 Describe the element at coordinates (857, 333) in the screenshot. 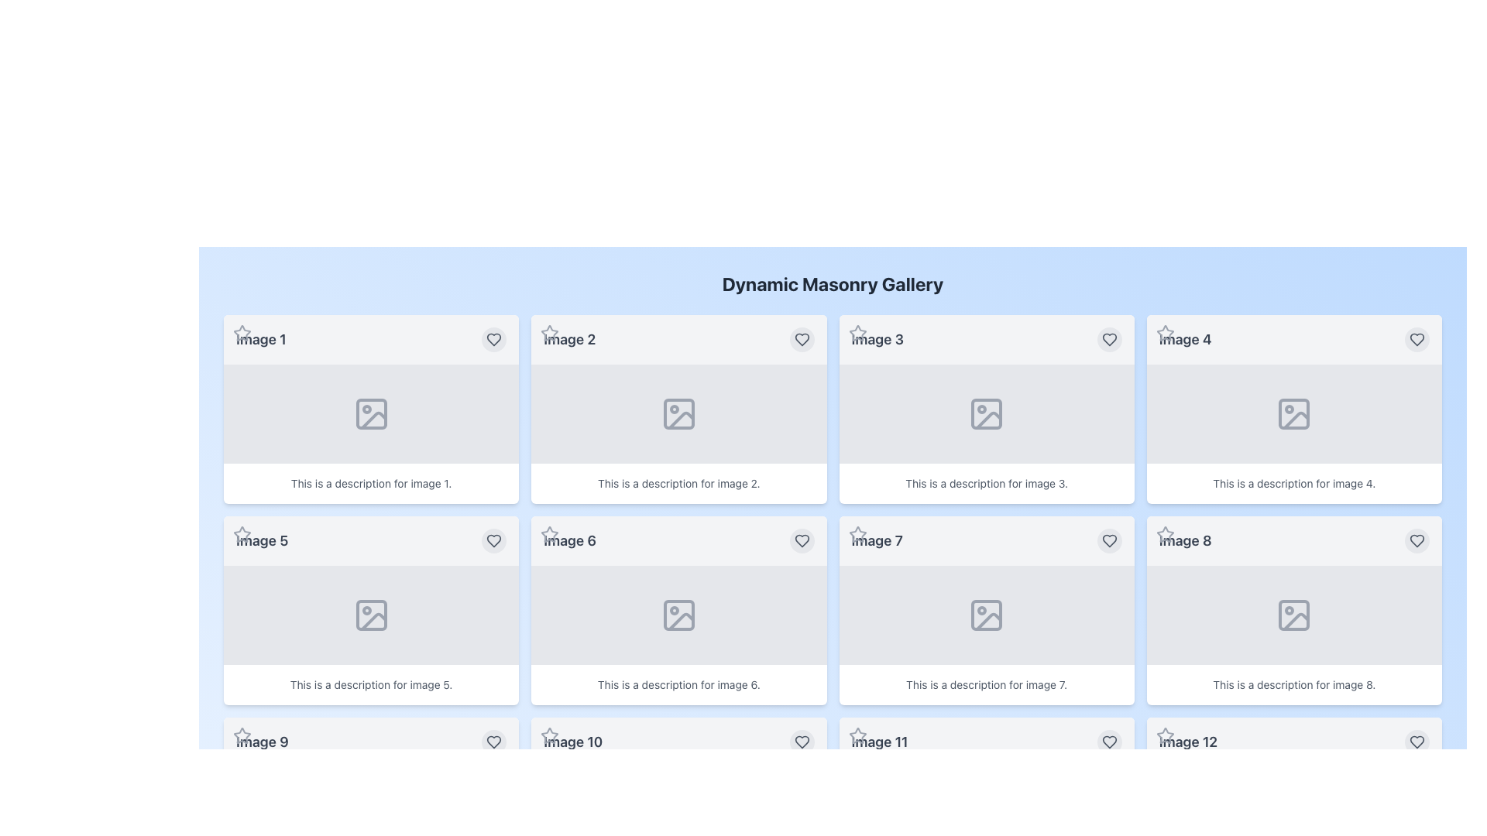

I see `the button located in the top-left corner of the card displaying 'Image 3' to change its color` at that location.